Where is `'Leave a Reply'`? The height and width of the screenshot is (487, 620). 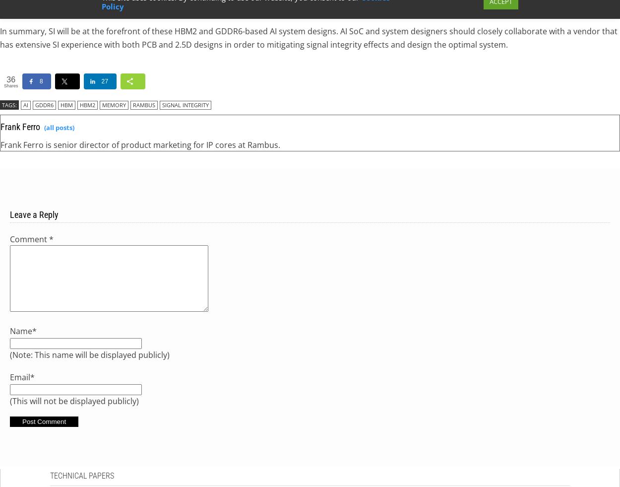
'Leave a Reply' is located at coordinates (34, 213).